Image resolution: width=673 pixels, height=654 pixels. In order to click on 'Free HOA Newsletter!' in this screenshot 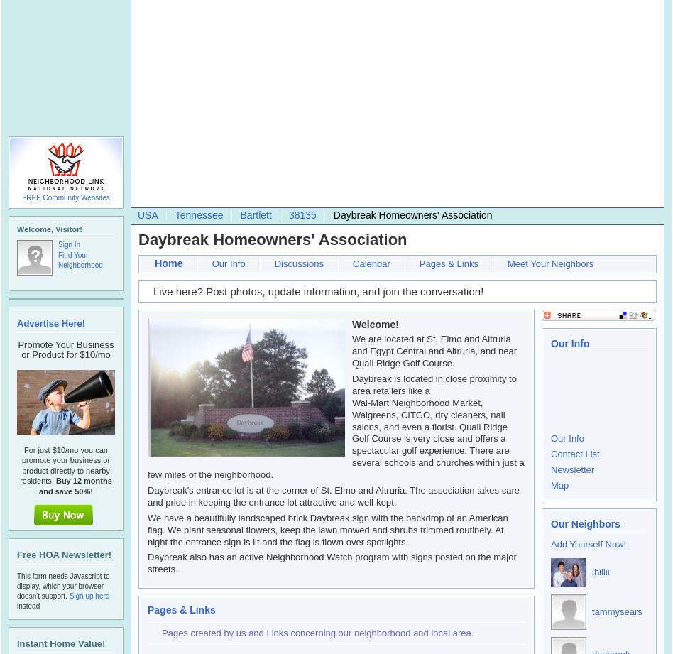, I will do `click(64, 554)`.